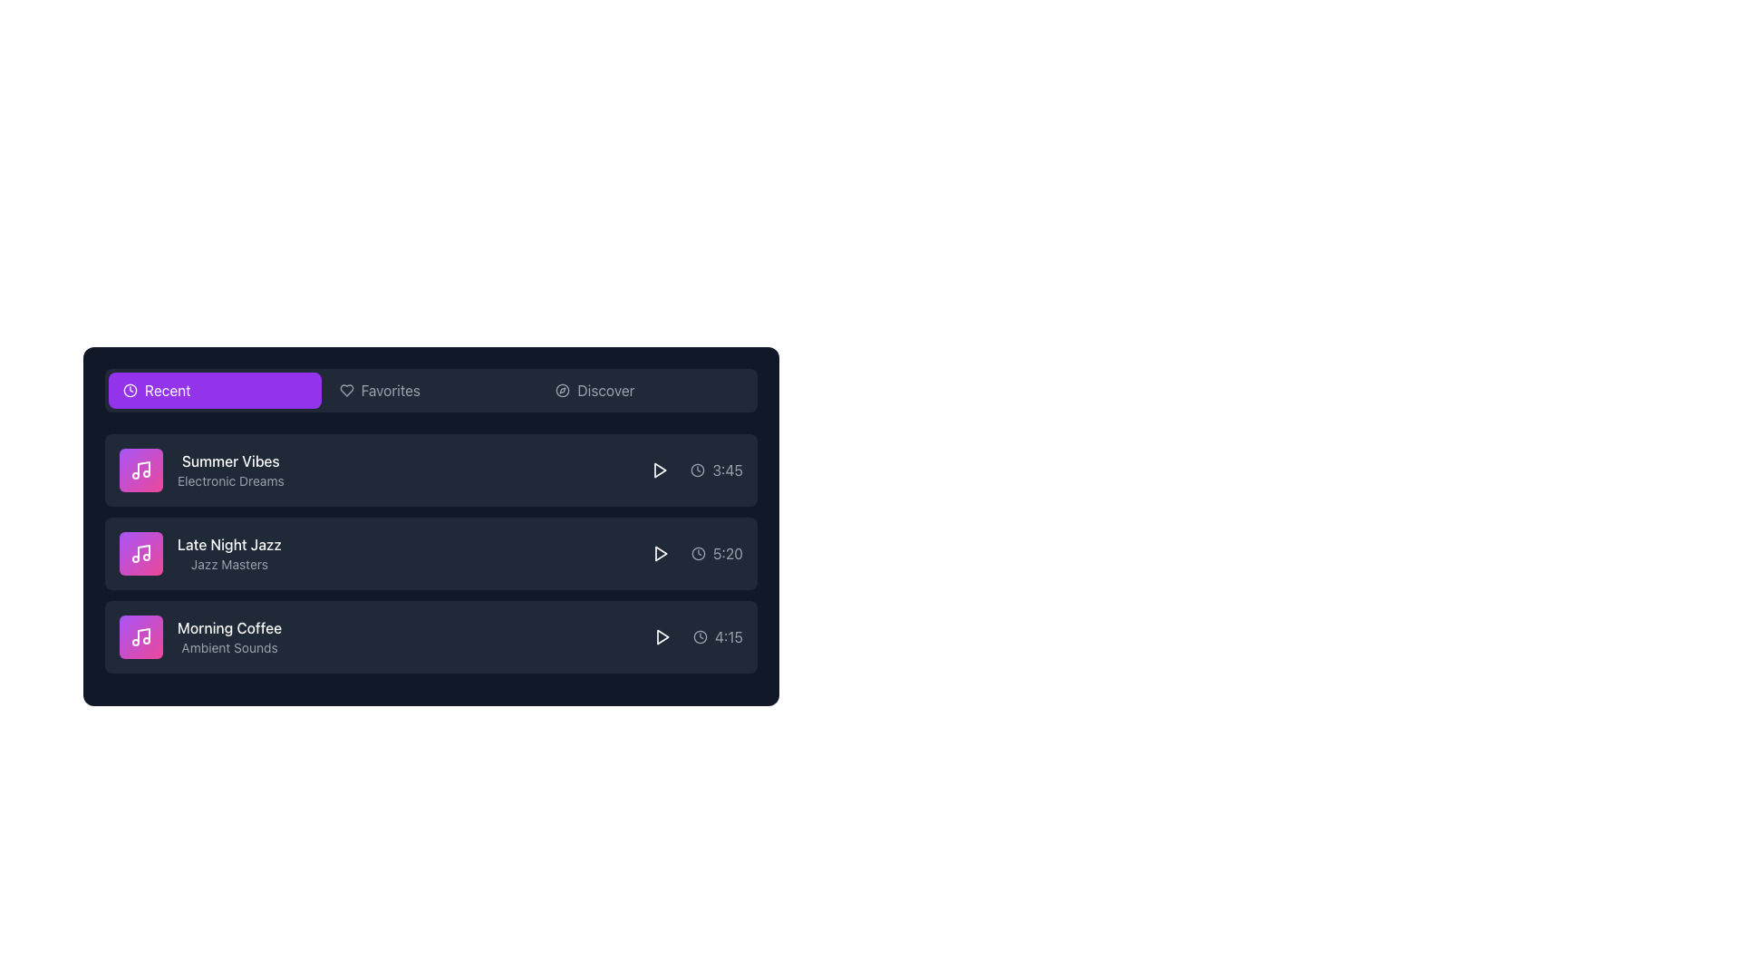  Describe the element at coordinates (430, 470) in the screenshot. I see `the first media track item titled 'Summer Vibes'` at that location.